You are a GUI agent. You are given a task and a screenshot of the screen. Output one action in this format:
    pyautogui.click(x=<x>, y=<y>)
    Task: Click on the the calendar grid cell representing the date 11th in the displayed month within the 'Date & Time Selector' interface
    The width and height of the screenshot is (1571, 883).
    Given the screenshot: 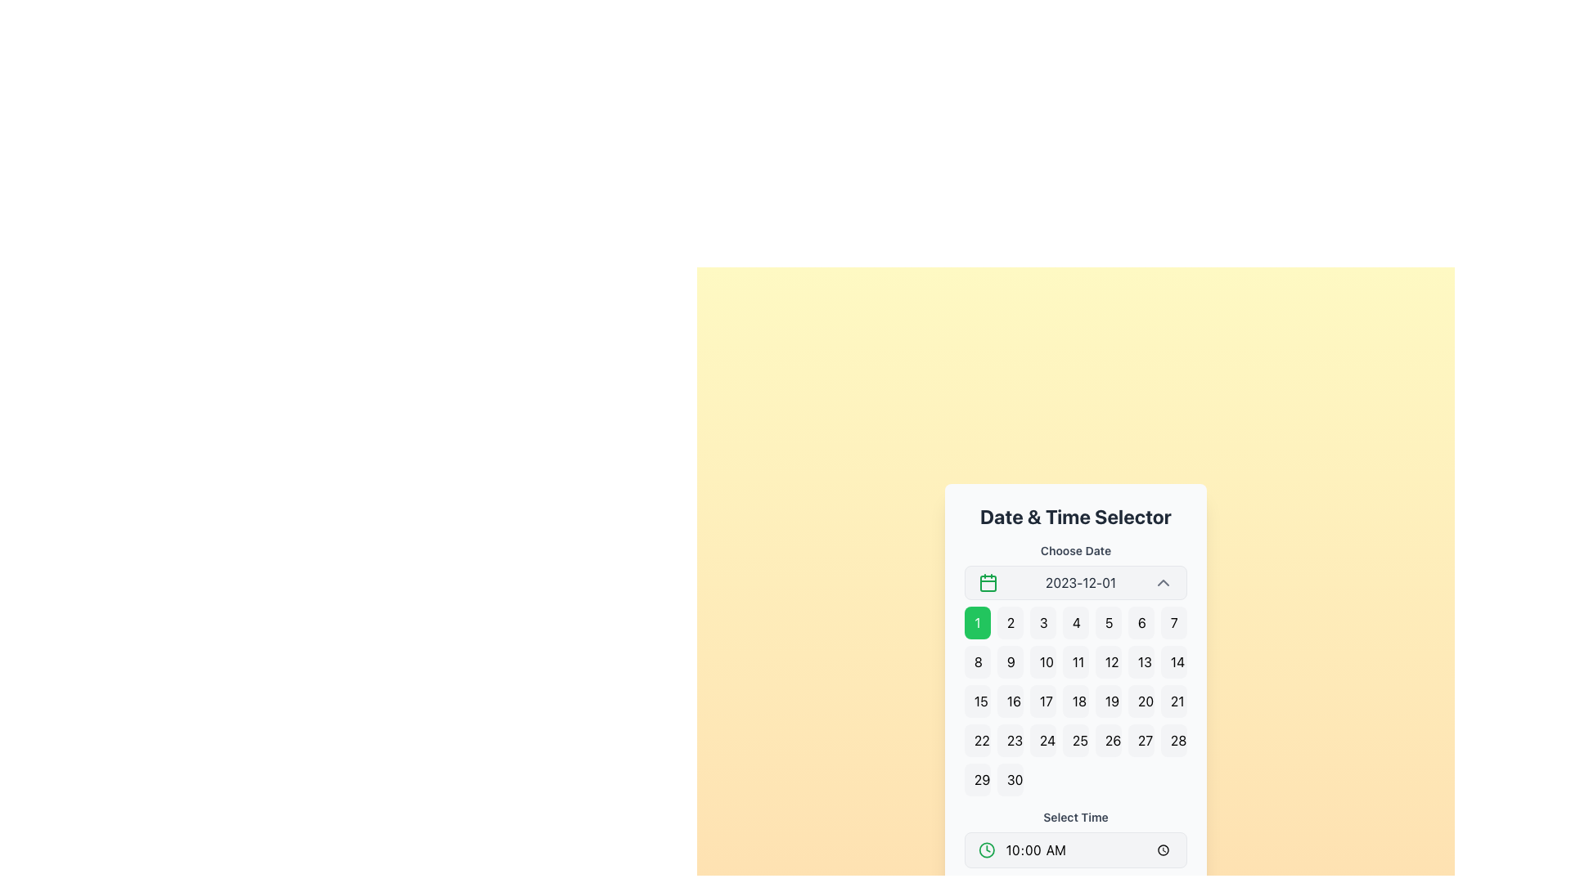 What is the action you would take?
    pyautogui.click(x=1076, y=669)
    